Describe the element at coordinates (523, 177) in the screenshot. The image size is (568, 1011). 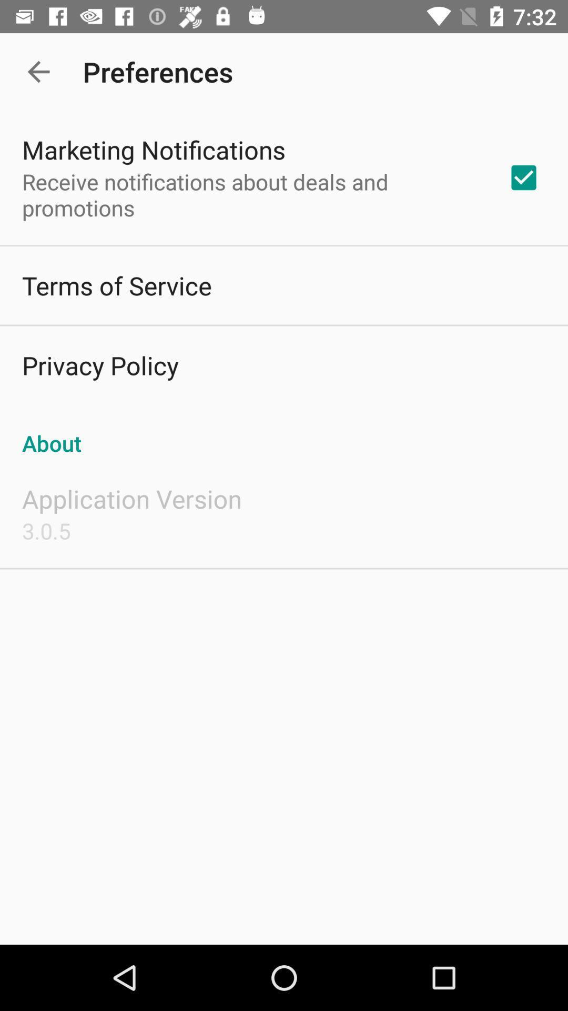
I see `app to the right of the receive notifications about item` at that location.